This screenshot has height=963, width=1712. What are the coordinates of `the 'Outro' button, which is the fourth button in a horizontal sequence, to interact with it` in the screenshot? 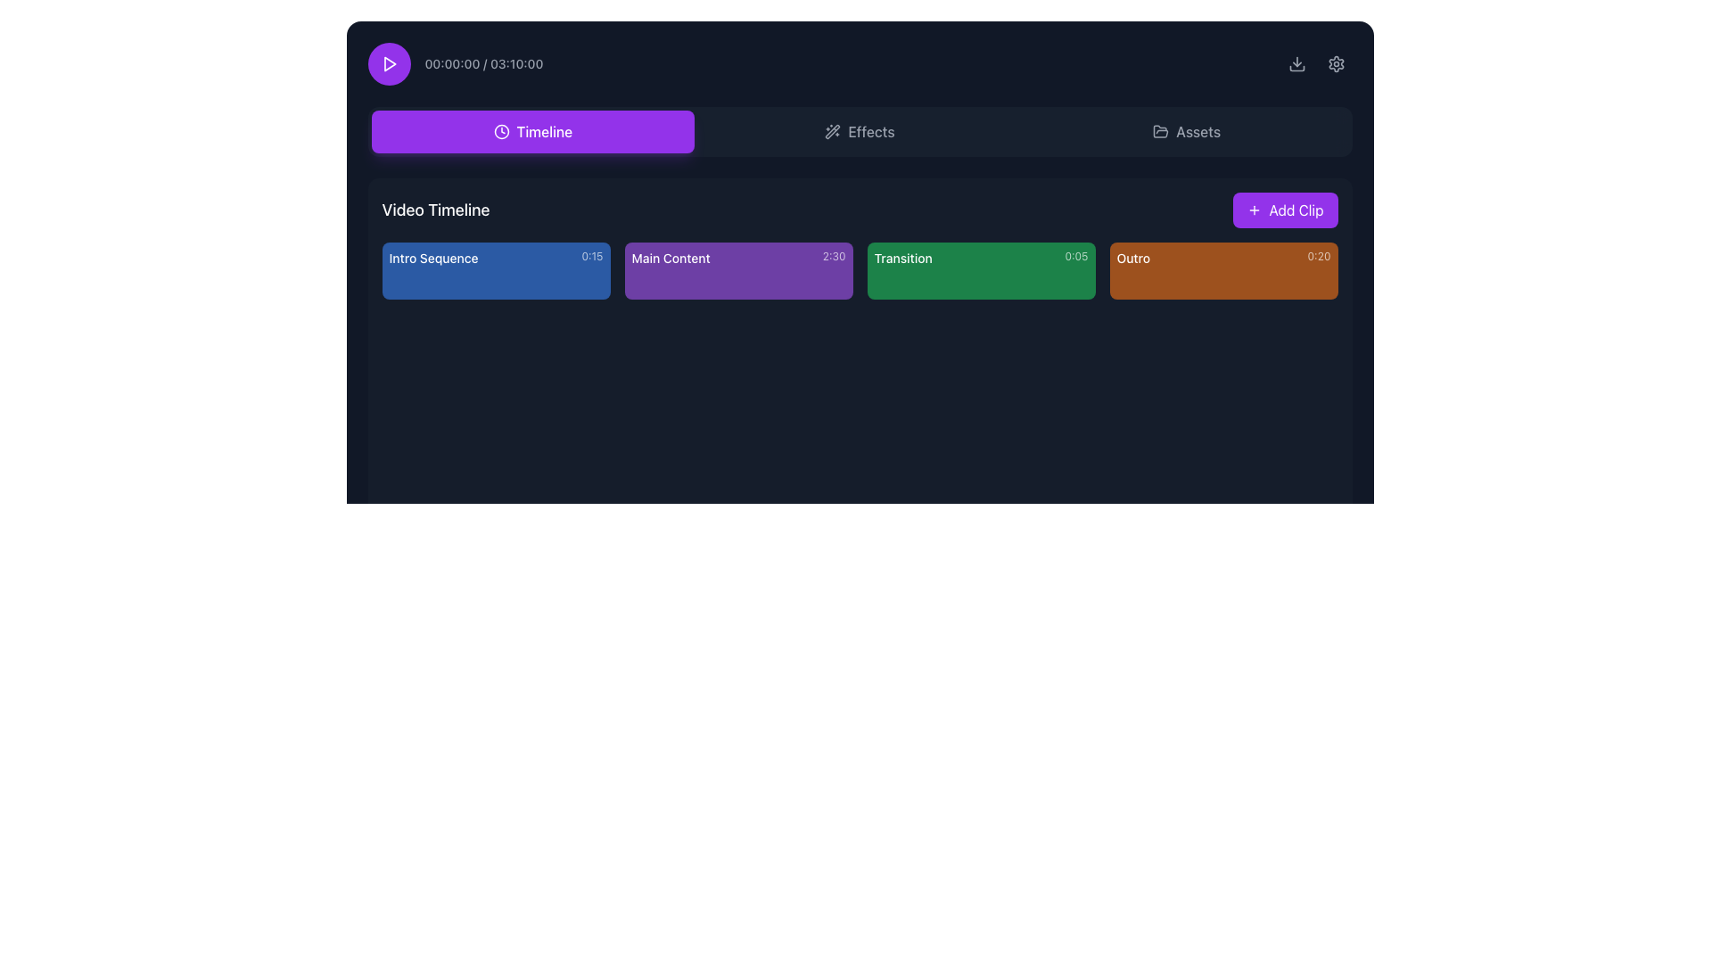 It's located at (1222, 271).